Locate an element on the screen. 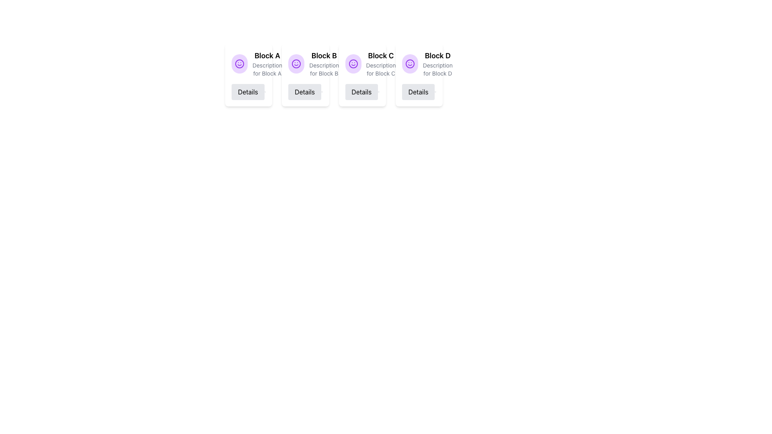 Image resolution: width=772 pixels, height=434 pixels. the 'Block D' card, which is the fourth card in a horizontal row of cards, positioned below 'Block C' is located at coordinates (419, 63).